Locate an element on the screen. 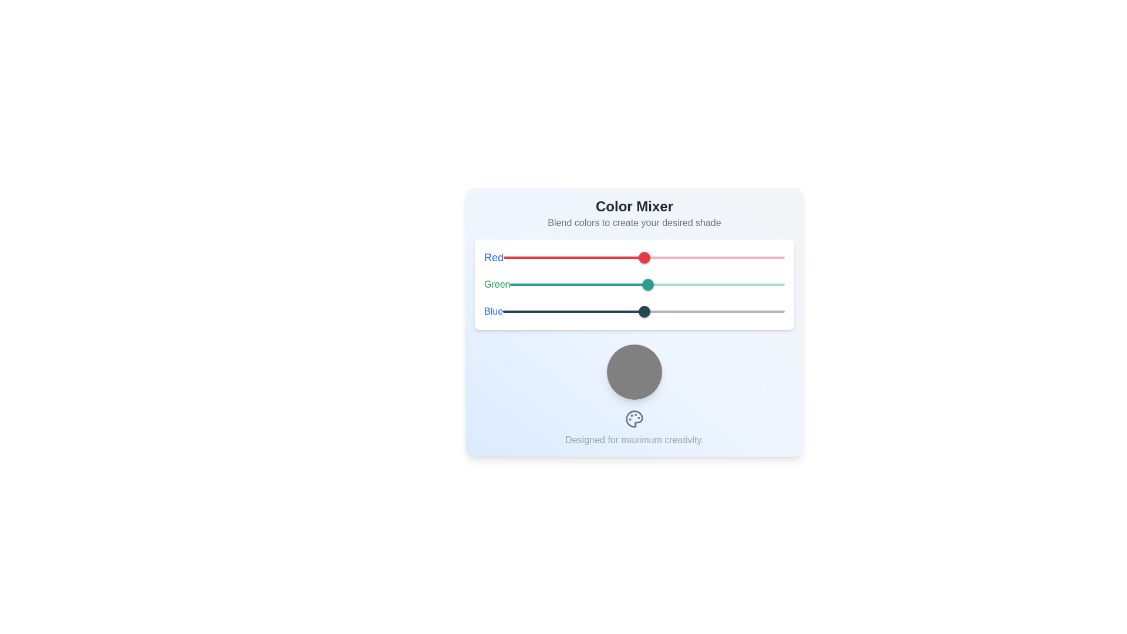 The width and height of the screenshot is (1127, 634). the red component of the color is located at coordinates (648, 257).